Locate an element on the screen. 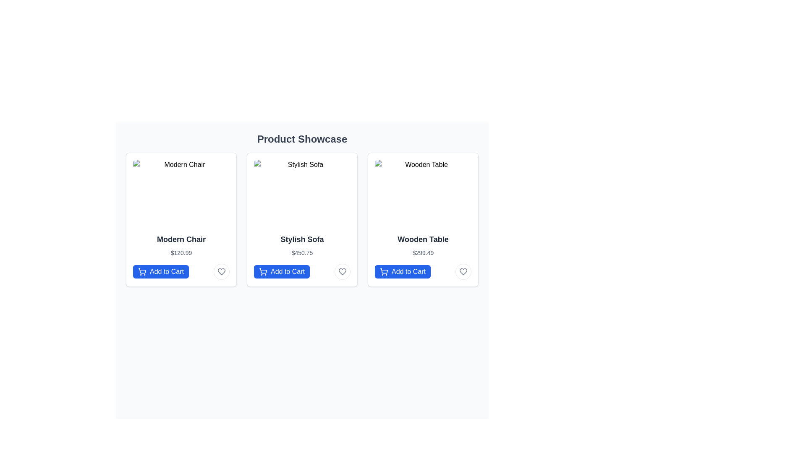 The width and height of the screenshot is (806, 453). product title displayed in the second card of the product showcase, which is centrally located below the sofa image and above the price information is located at coordinates (302, 239).